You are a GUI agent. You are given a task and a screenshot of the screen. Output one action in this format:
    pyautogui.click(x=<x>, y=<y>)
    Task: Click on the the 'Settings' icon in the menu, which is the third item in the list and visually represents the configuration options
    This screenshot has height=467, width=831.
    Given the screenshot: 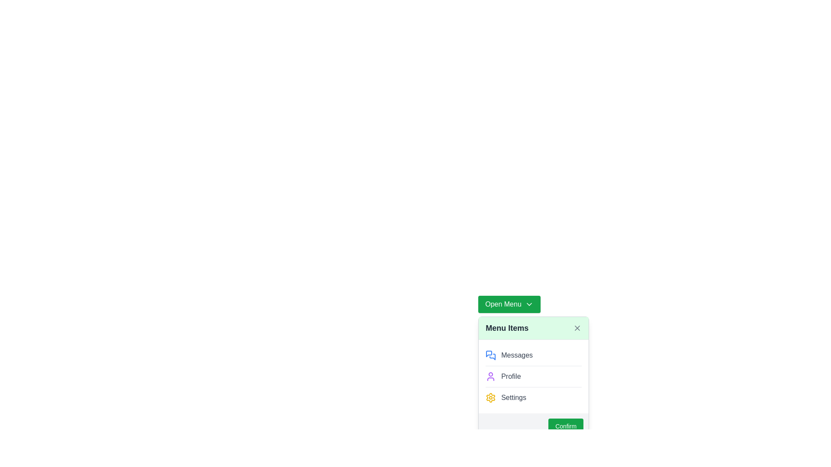 What is the action you would take?
    pyautogui.click(x=490, y=398)
    